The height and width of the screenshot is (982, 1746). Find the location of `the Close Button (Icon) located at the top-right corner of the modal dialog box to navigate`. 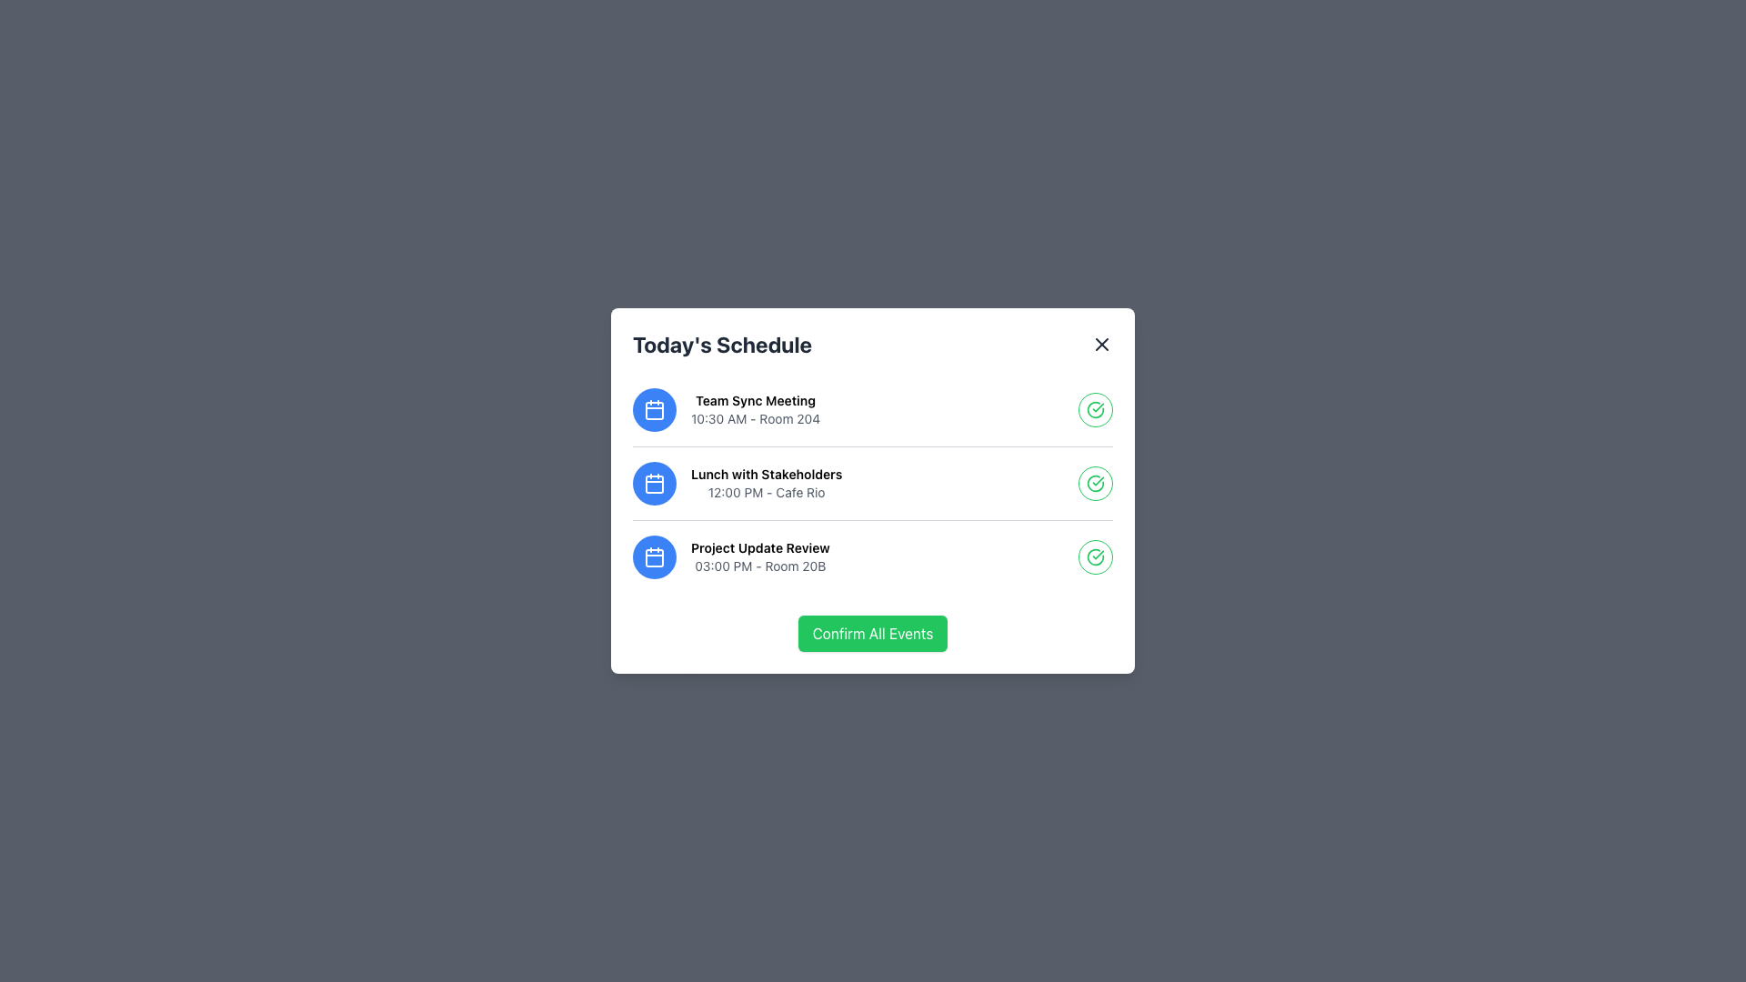

the Close Button (Icon) located at the top-right corner of the modal dialog box to navigate is located at coordinates (1100, 344).